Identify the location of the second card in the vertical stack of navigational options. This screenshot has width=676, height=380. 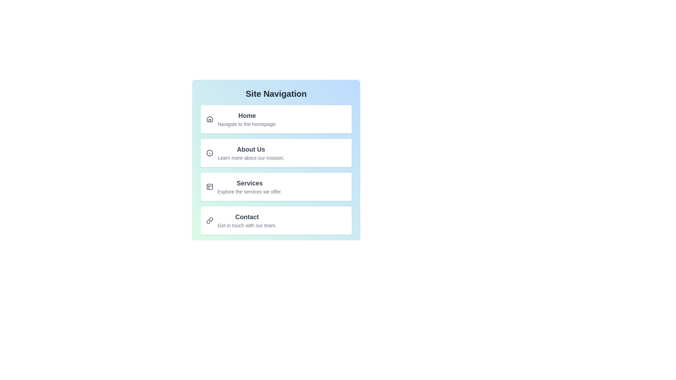
(276, 164).